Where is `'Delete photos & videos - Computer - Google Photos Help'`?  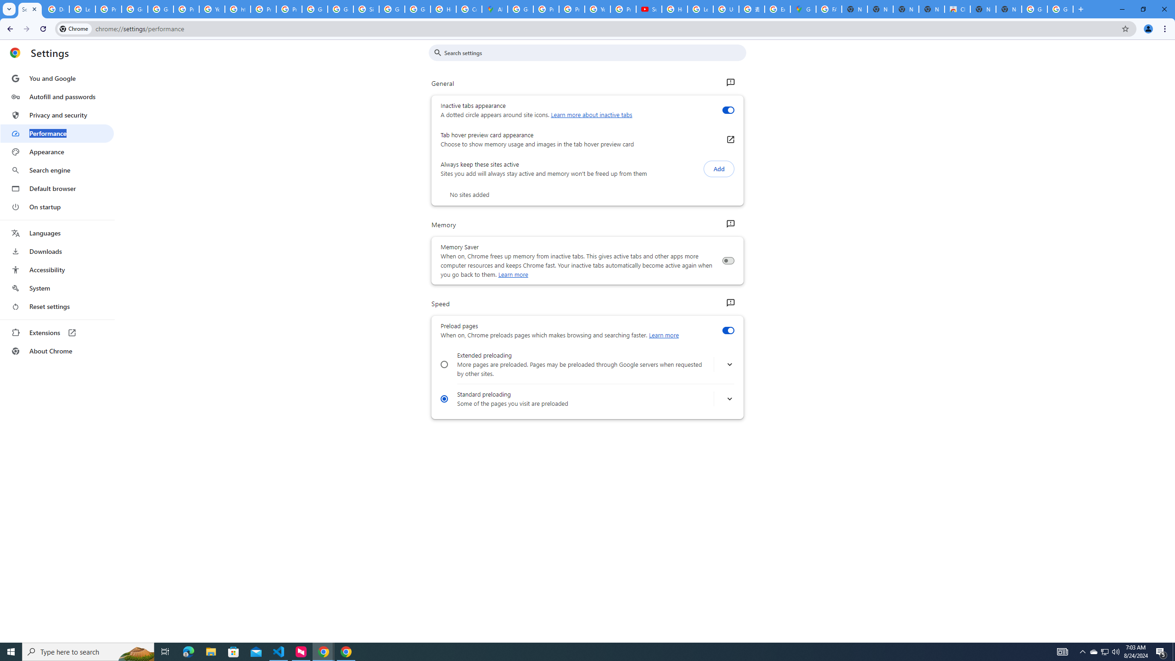
'Delete photos & videos - Computer - Google Photos Help' is located at coordinates (56, 9).